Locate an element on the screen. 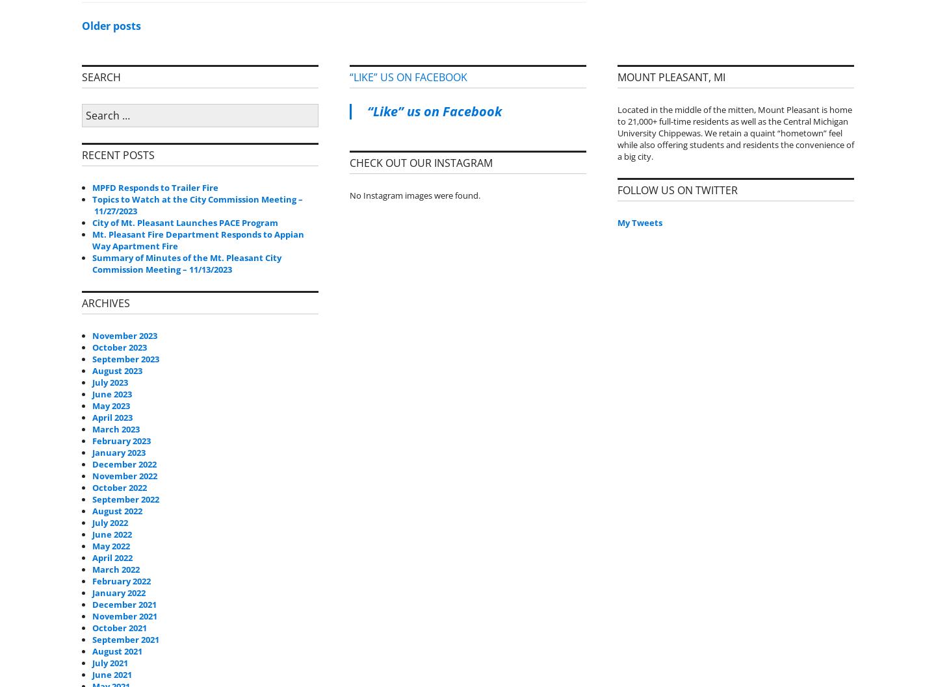 The height and width of the screenshot is (687, 936). 'Mt. Pleasant Fire Department Responds to Appian Way Apartment Fire' is located at coordinates (198, 240).